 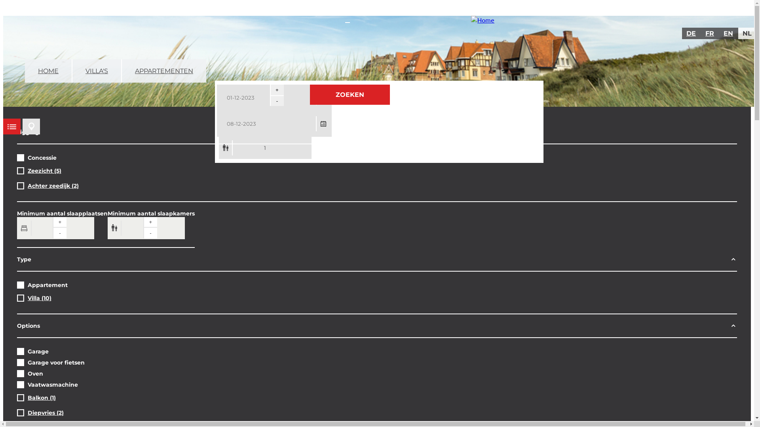 What do you see at coordinates (11, 126) in the screenshot?
I see `'list view'` at bounding box center [11, 126].